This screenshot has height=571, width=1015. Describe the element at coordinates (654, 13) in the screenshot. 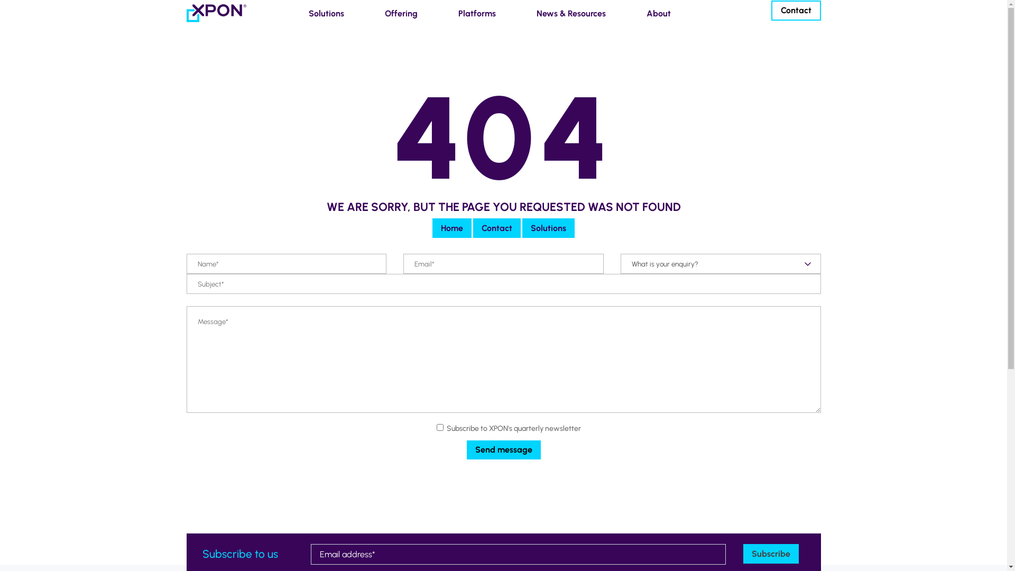

I see `'About'` at that location.